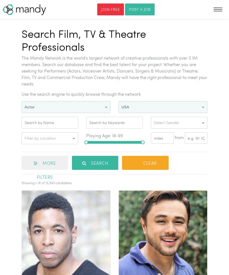  Describe the element at coordinates (117, 135) in the screenshot. I see `'18-99'` at that location.